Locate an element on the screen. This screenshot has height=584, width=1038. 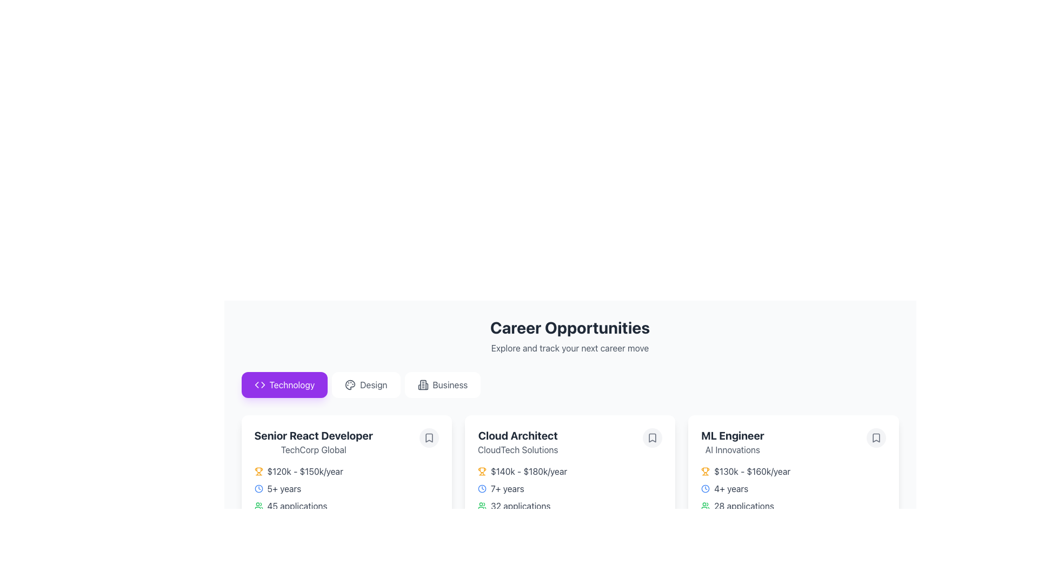
the text label displaying the salary range for the job role in the job listing card, located immediately to the right of the amber trophy icon is located at coordinates (304, 470).